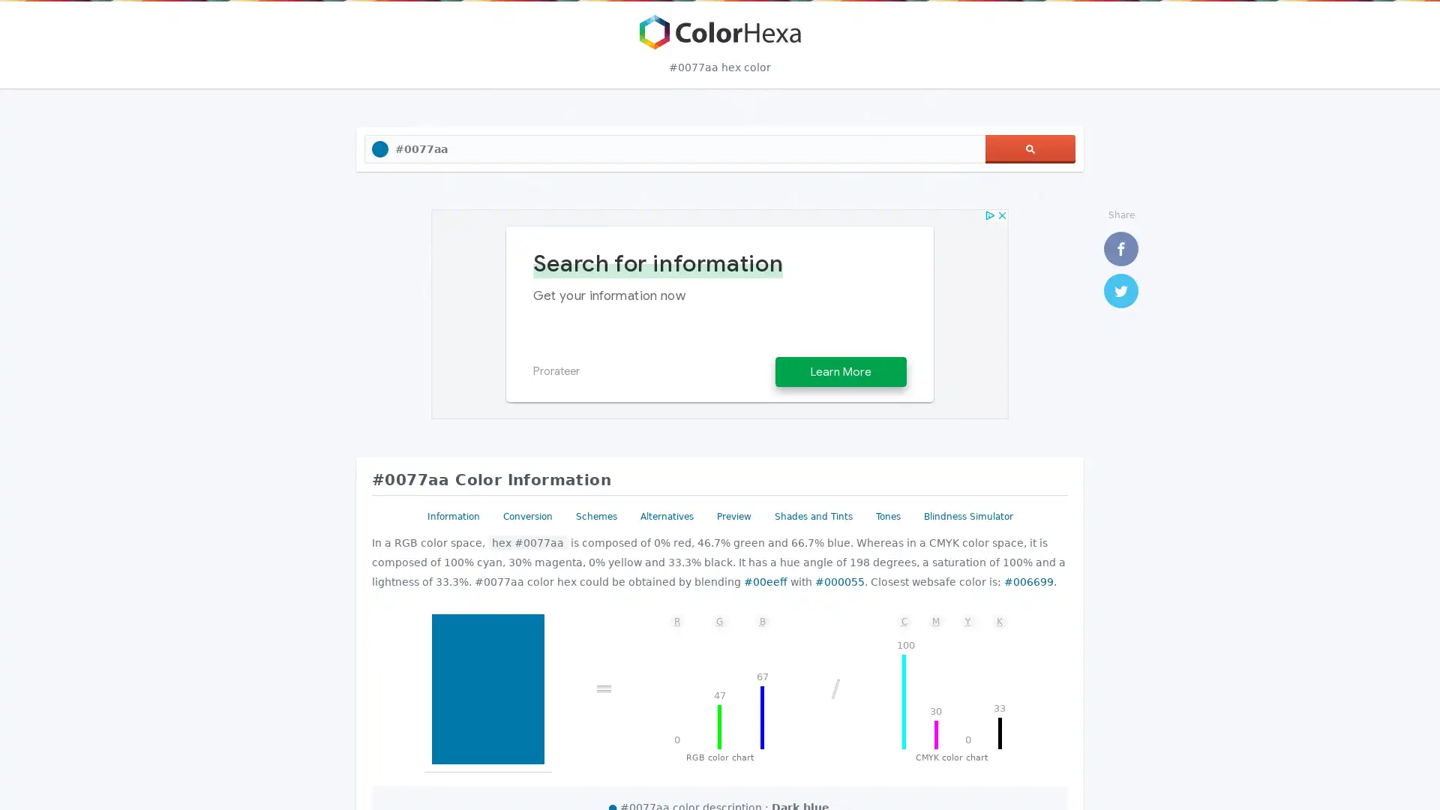 The height and width of the screenshot is (810, 1440). What do you see at coordinates (1029, 149) in the screenshot?
I see `Search` at bounding box center [1029, 149].